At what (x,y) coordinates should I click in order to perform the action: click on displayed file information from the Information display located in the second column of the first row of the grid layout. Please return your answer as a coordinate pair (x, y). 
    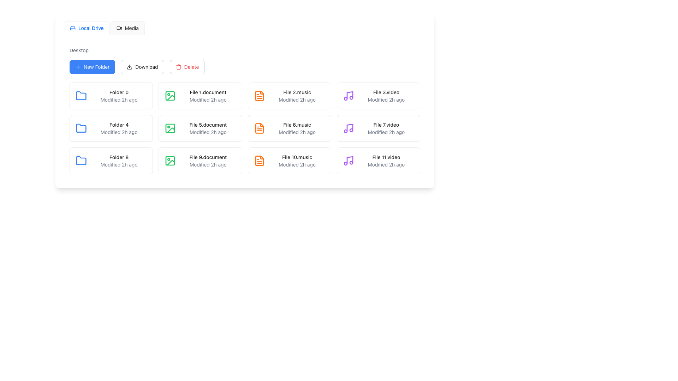
    Looking at the image, I should click on (297, 96).